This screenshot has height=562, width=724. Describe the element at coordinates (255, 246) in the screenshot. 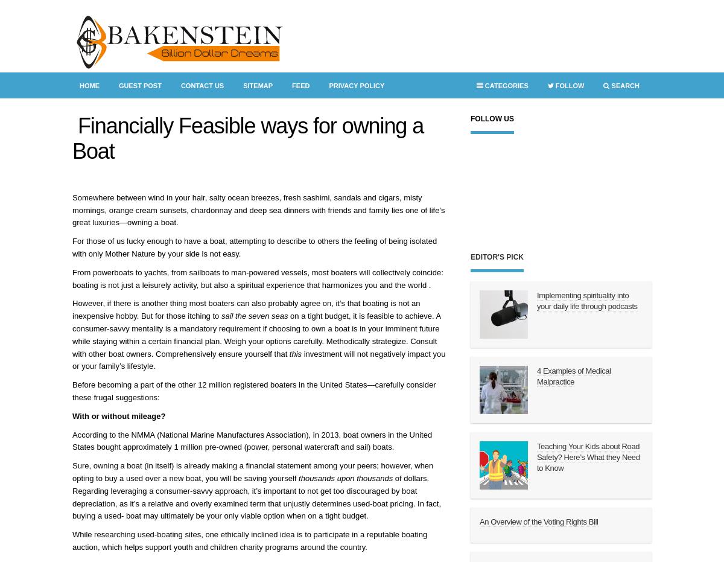

I see `'For those of us lucky enough to have a boat, attempting to describe to others the feeling of being isolated with only Mother Nature by your side is not easy.'` at that location.